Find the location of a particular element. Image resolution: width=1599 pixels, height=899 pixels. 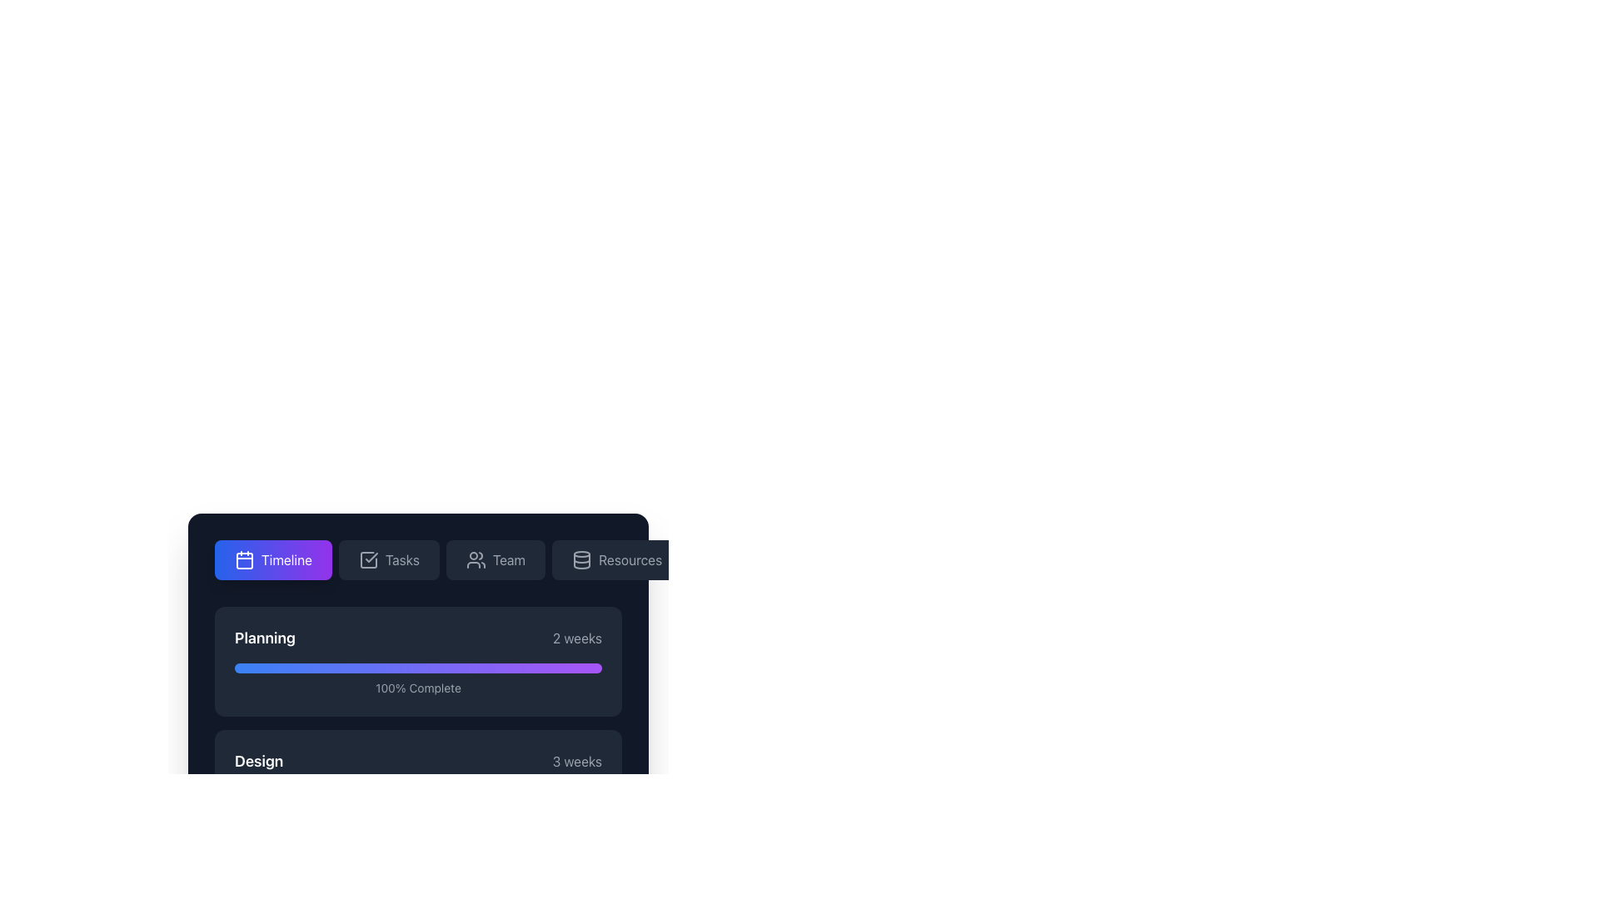

the 'Tasks' navigation option in the middle section of the navigation bar, which is the second item from the left and includes a checkbox icon is located at coordinates (402, 559).